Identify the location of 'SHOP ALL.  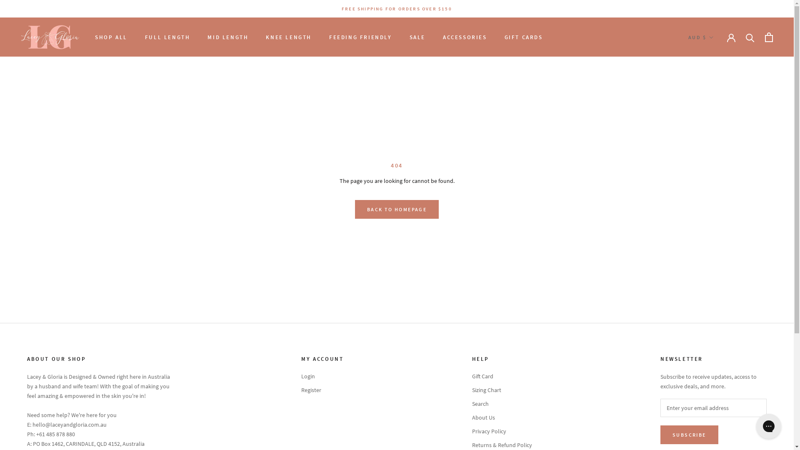
(95, 37).